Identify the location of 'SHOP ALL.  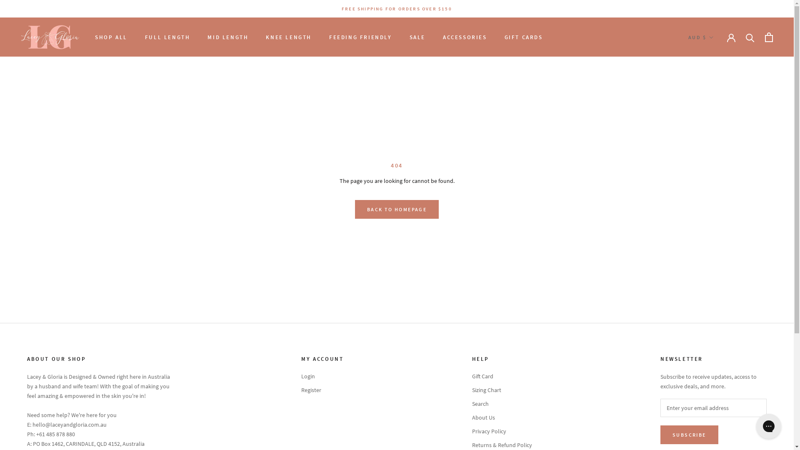
(95, 37).